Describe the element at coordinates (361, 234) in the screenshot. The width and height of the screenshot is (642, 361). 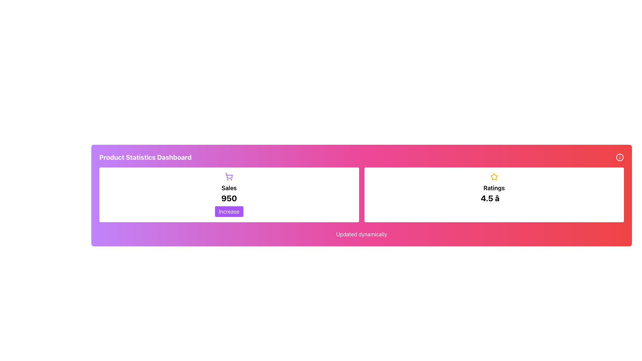
I see `Text Label indicating real-time updates on the dashboard, located at the bottom below the sales and ratings blocks` at that location.